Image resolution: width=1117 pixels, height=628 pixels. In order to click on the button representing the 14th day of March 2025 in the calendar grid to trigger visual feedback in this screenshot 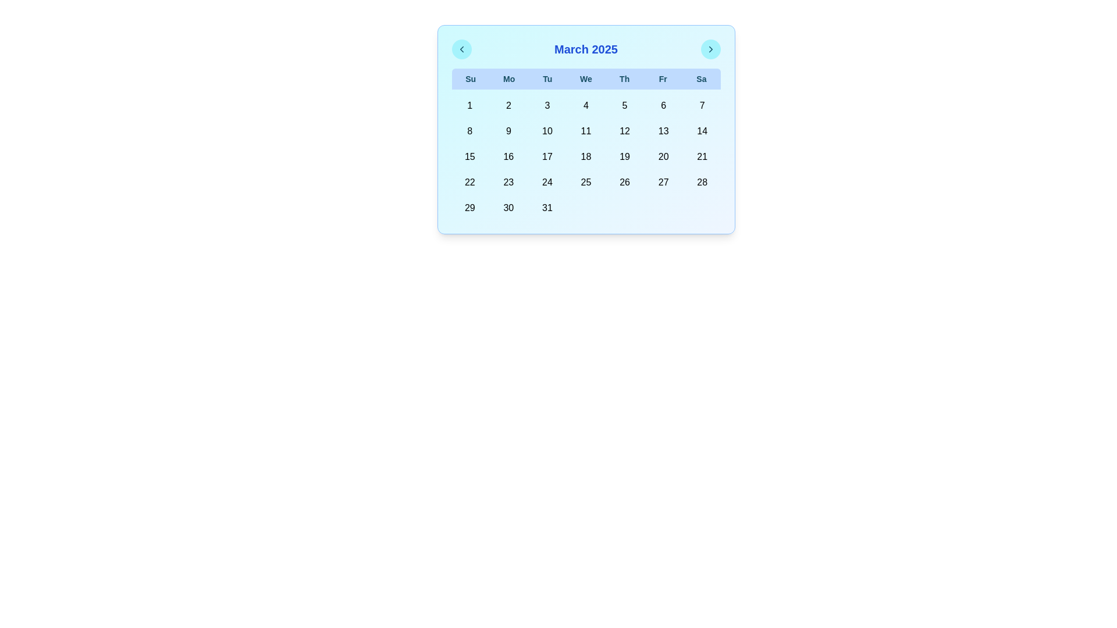, I will do `click(702, 131)`.